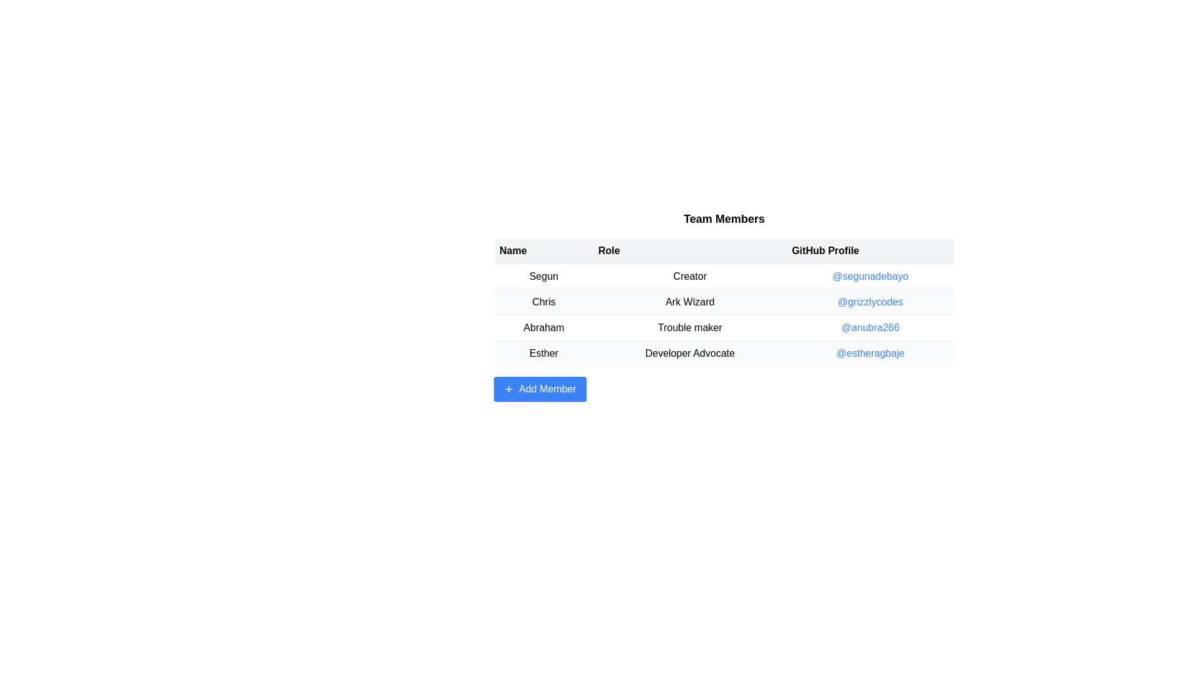 This screenshot has height=676, width=1202. Describe the element at coordinates (870, 276) in the screenshot. I see `the hyperlink for the user '@segunadebayo' located in the third row of the 'GitHub Profile' column` at that location.